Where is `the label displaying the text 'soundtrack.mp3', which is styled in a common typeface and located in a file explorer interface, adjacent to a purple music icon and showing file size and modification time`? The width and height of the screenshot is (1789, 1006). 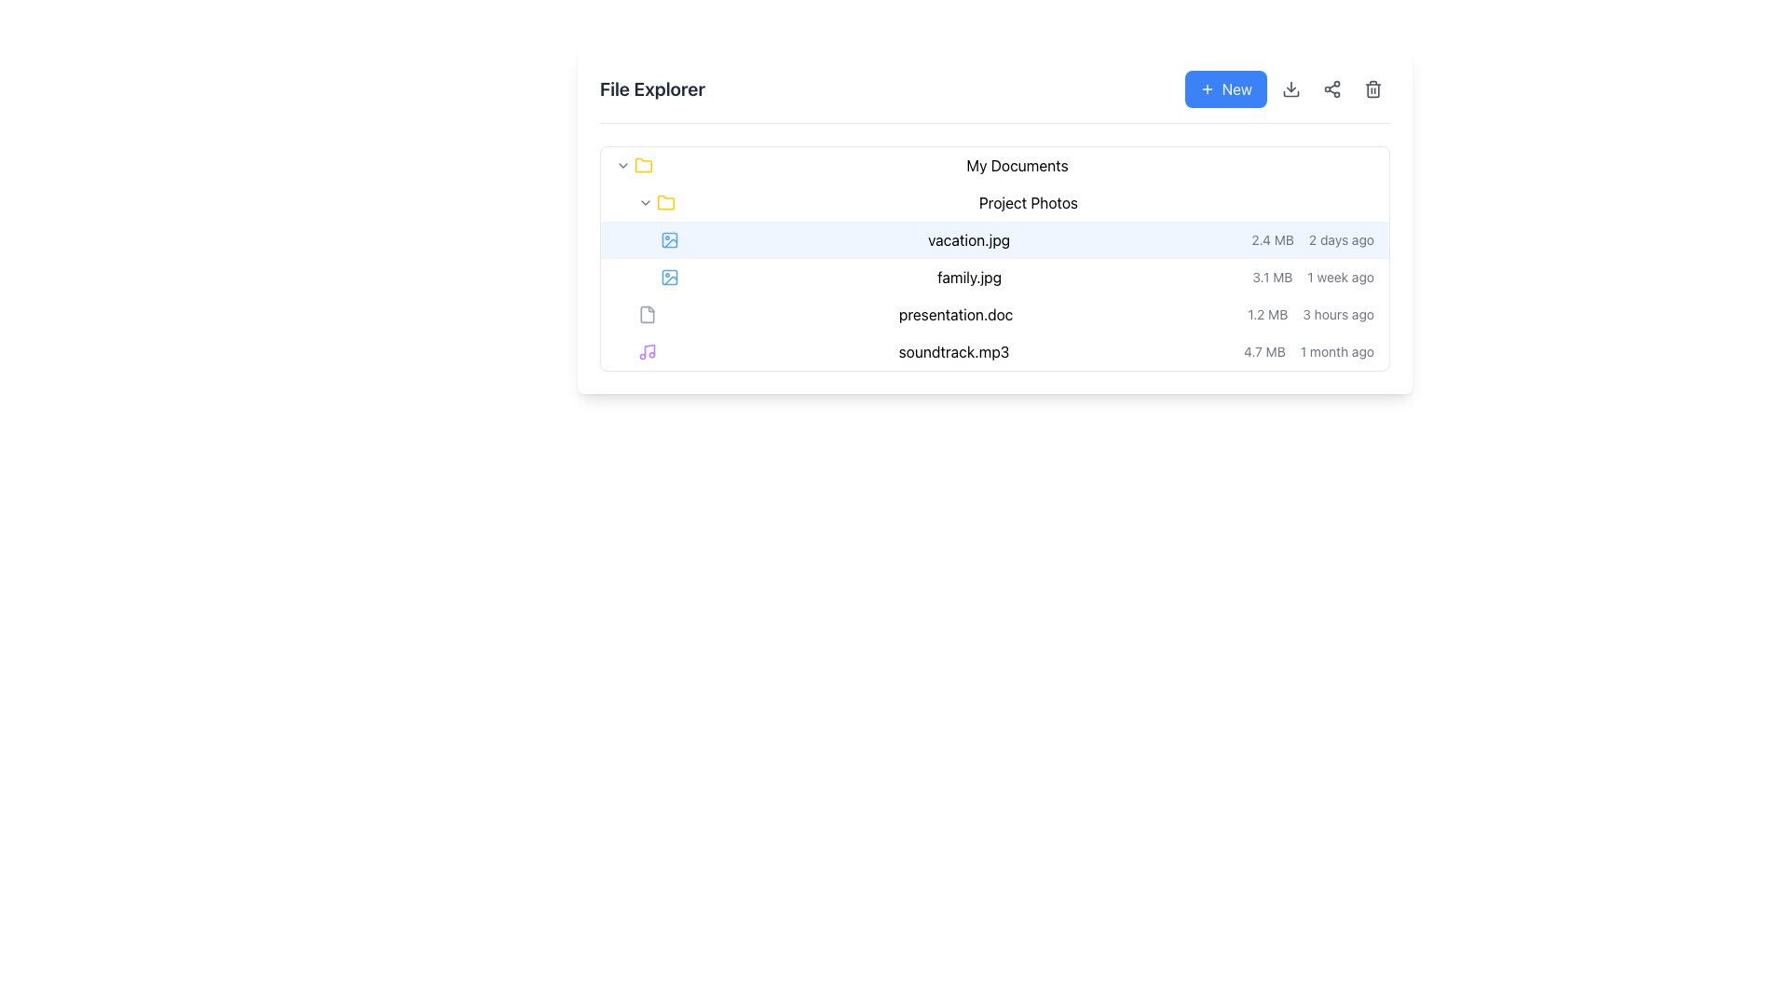
the label displaying the text 'soundtrack.mp3', which is styled in a common typeface and located in a file explorer interface, adjacent to a purple music icon and showing file size and modification time is located at coordinates (954, 352).